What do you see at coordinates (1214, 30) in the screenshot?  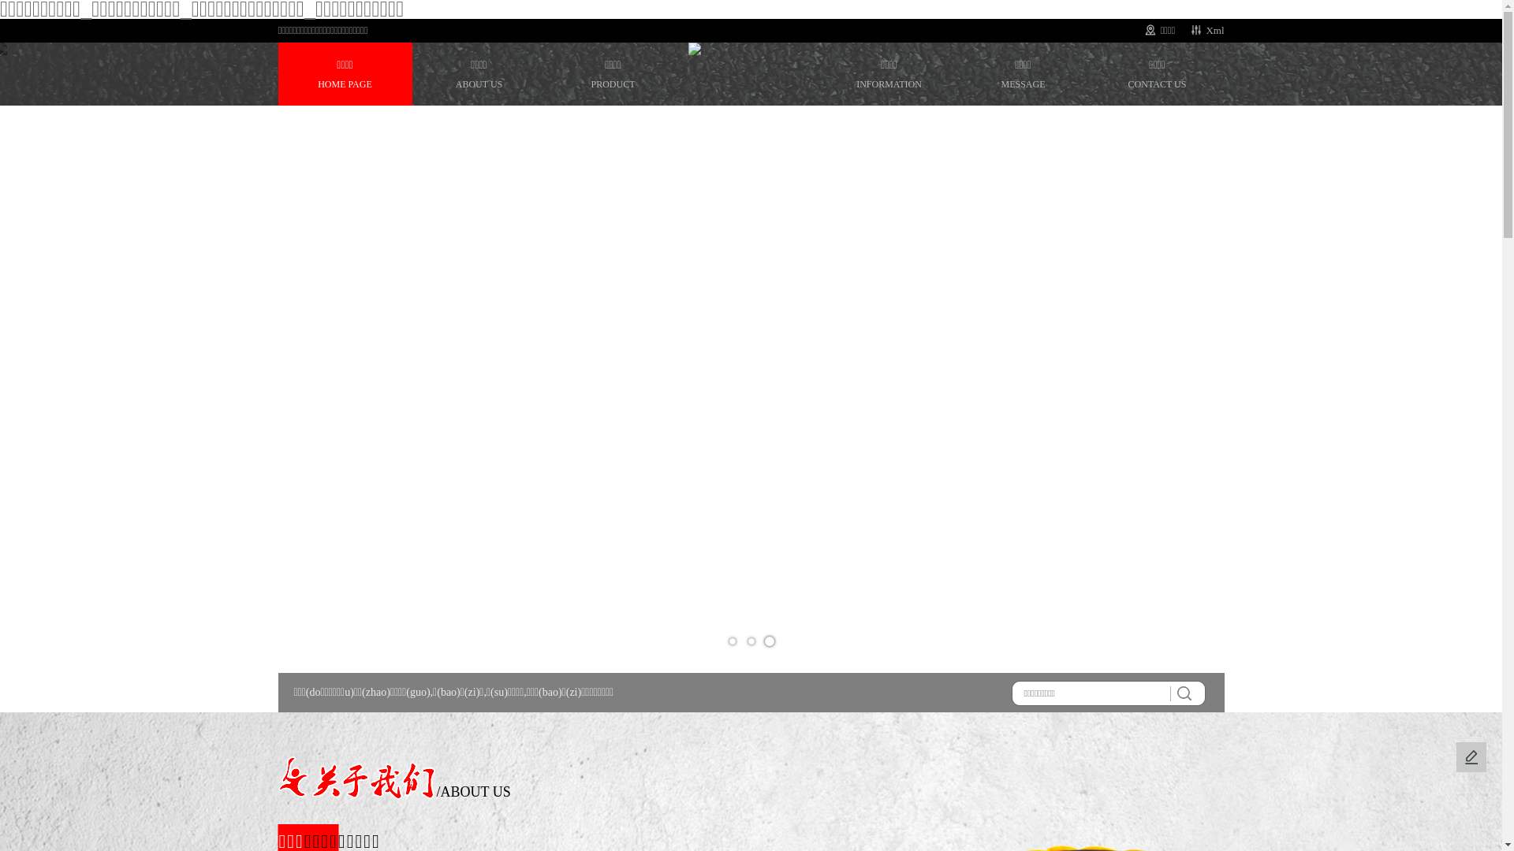 I see `'Xml'` at bounding box center [1214, 30].